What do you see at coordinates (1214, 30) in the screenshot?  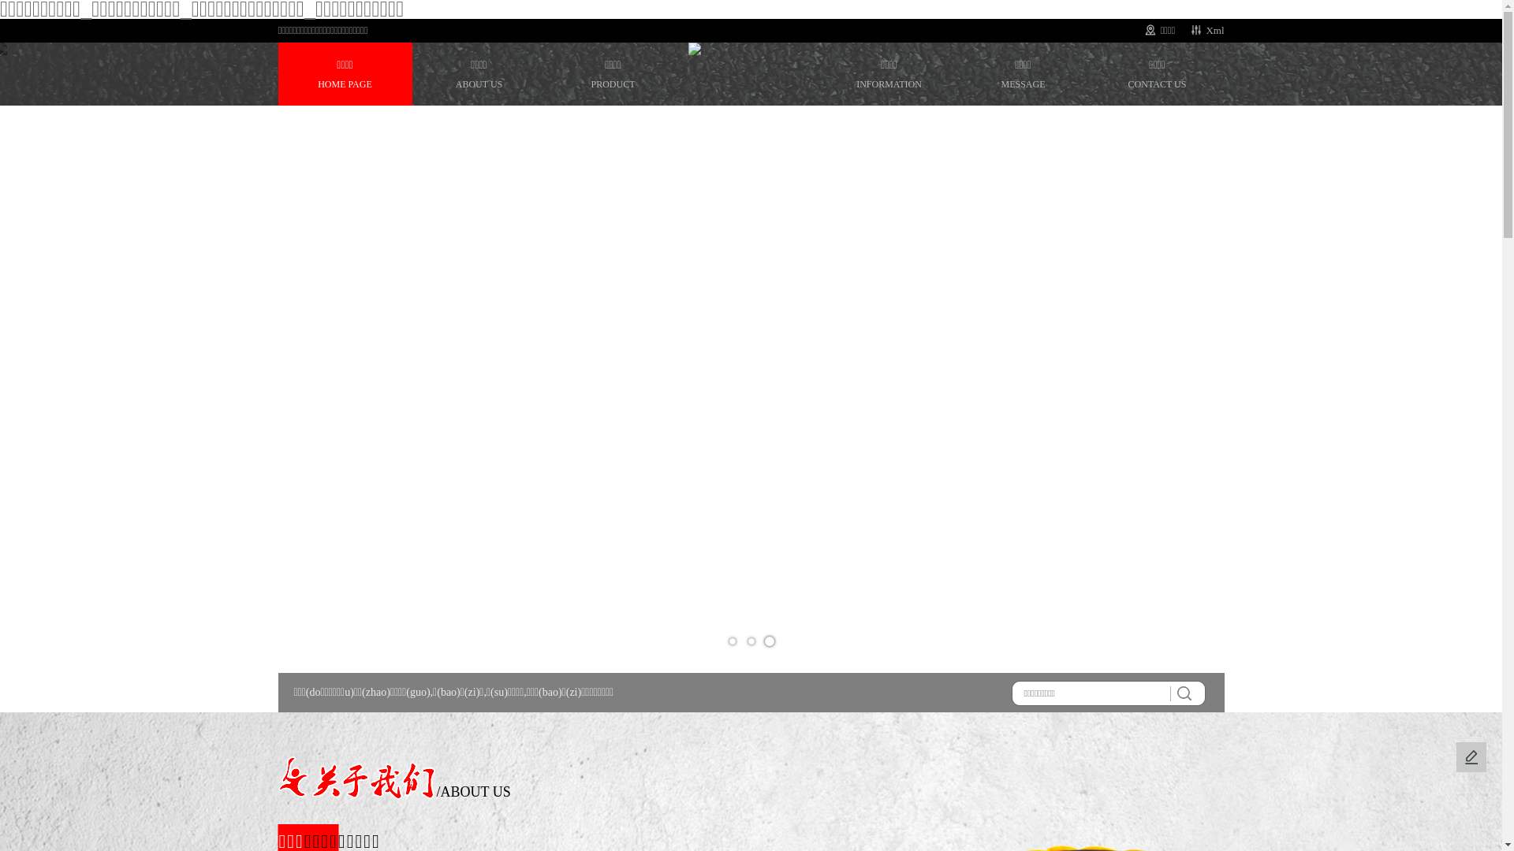 I see `'Xml'` at bounding box center [1214, 30].